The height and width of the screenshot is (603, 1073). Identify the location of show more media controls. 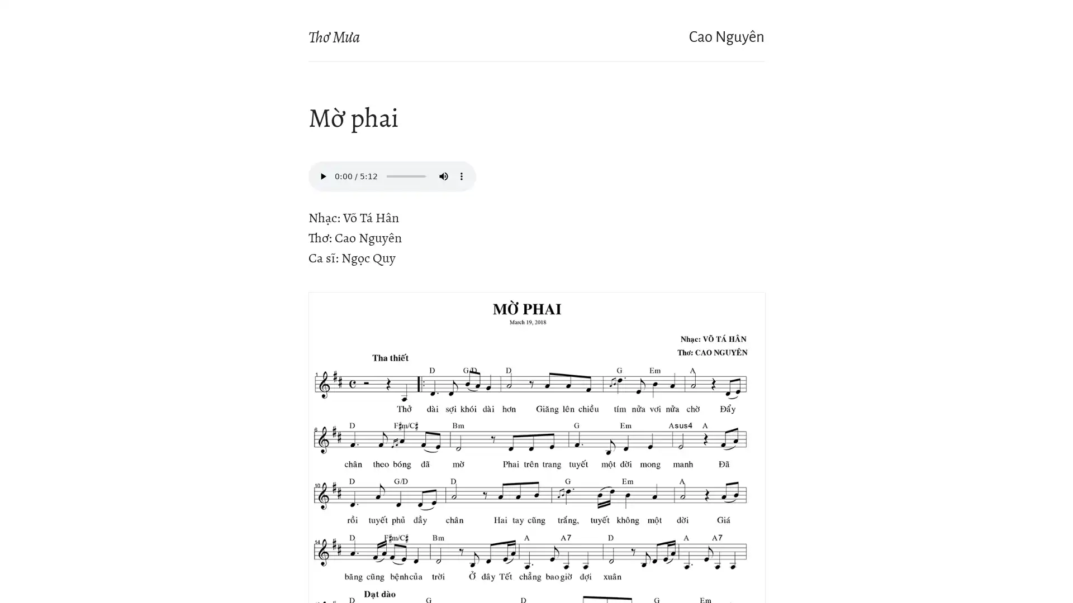
(461, 176).